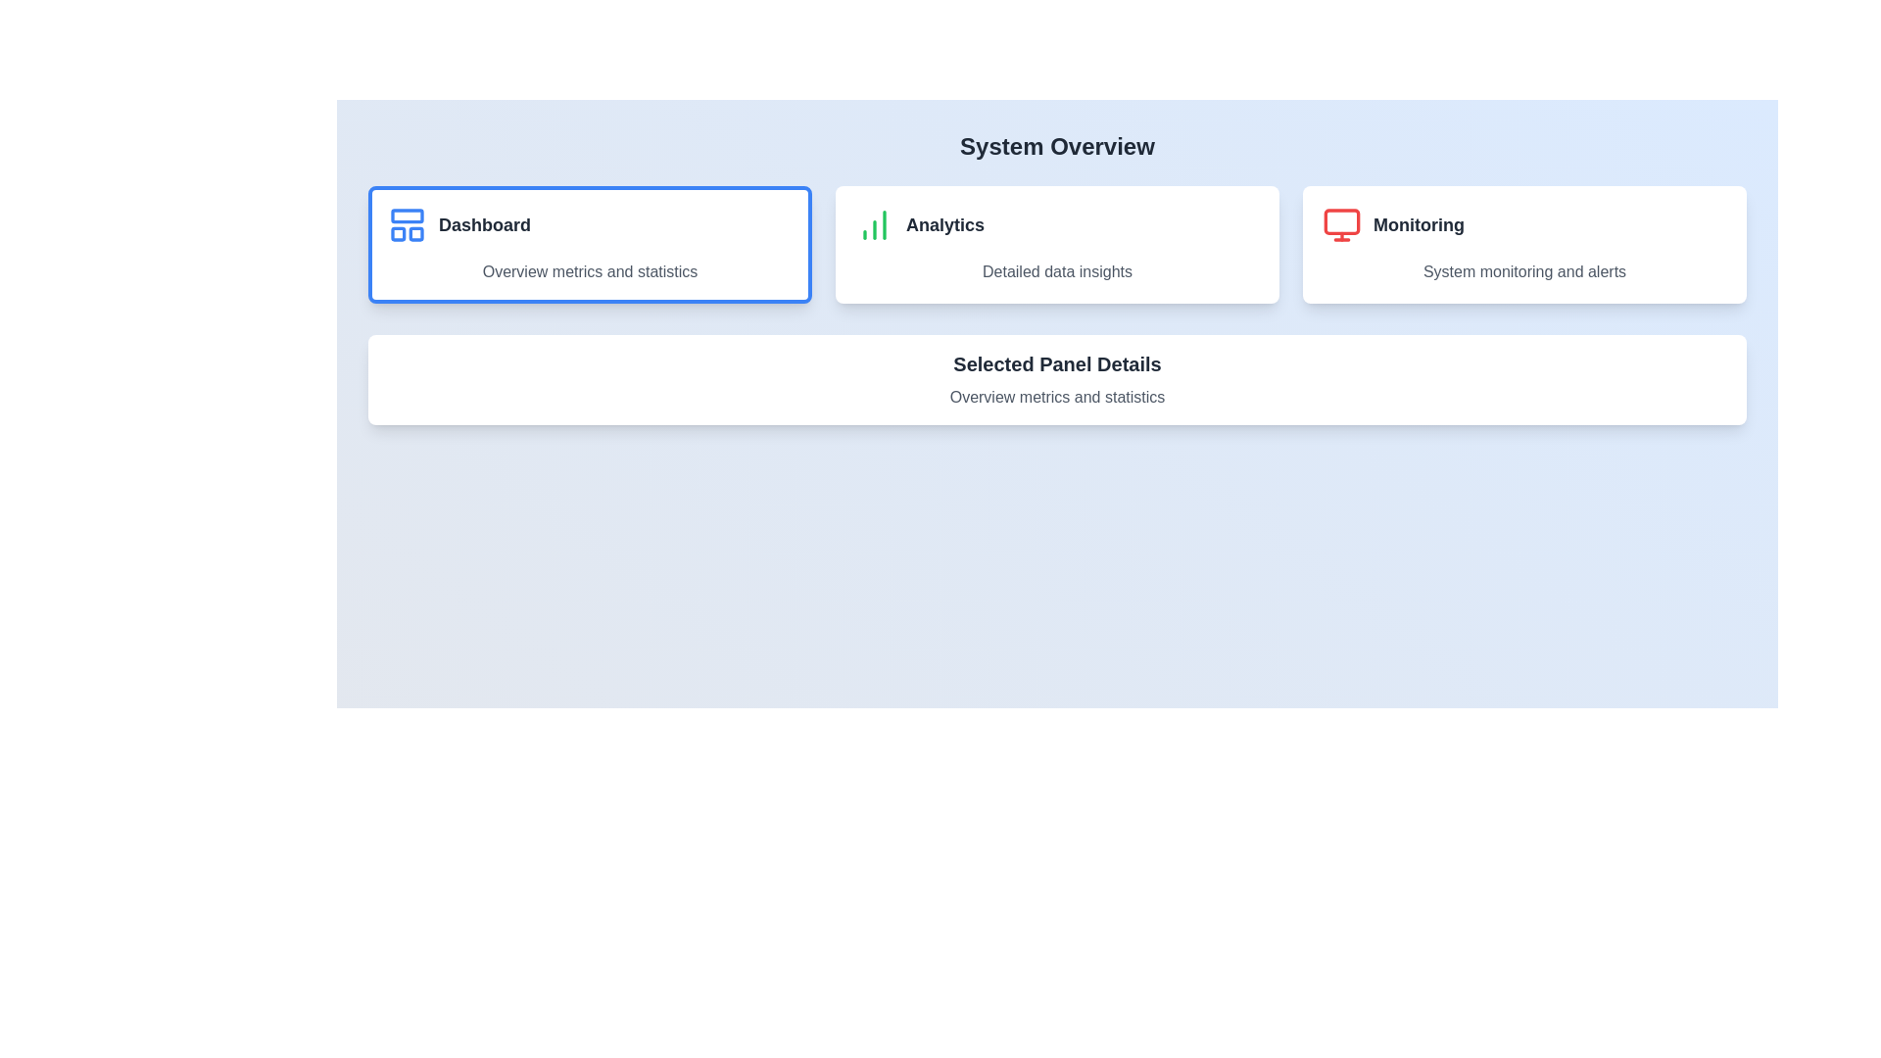 The image size is (1881, 1058). What do you see at coordinates (1056, 146) in the screenshot?
I see `the 'System Overview' text element, which is displayed in a bold and large font at the top of the interface with a black color and a gradient background` at bounding box center [1056, 146].